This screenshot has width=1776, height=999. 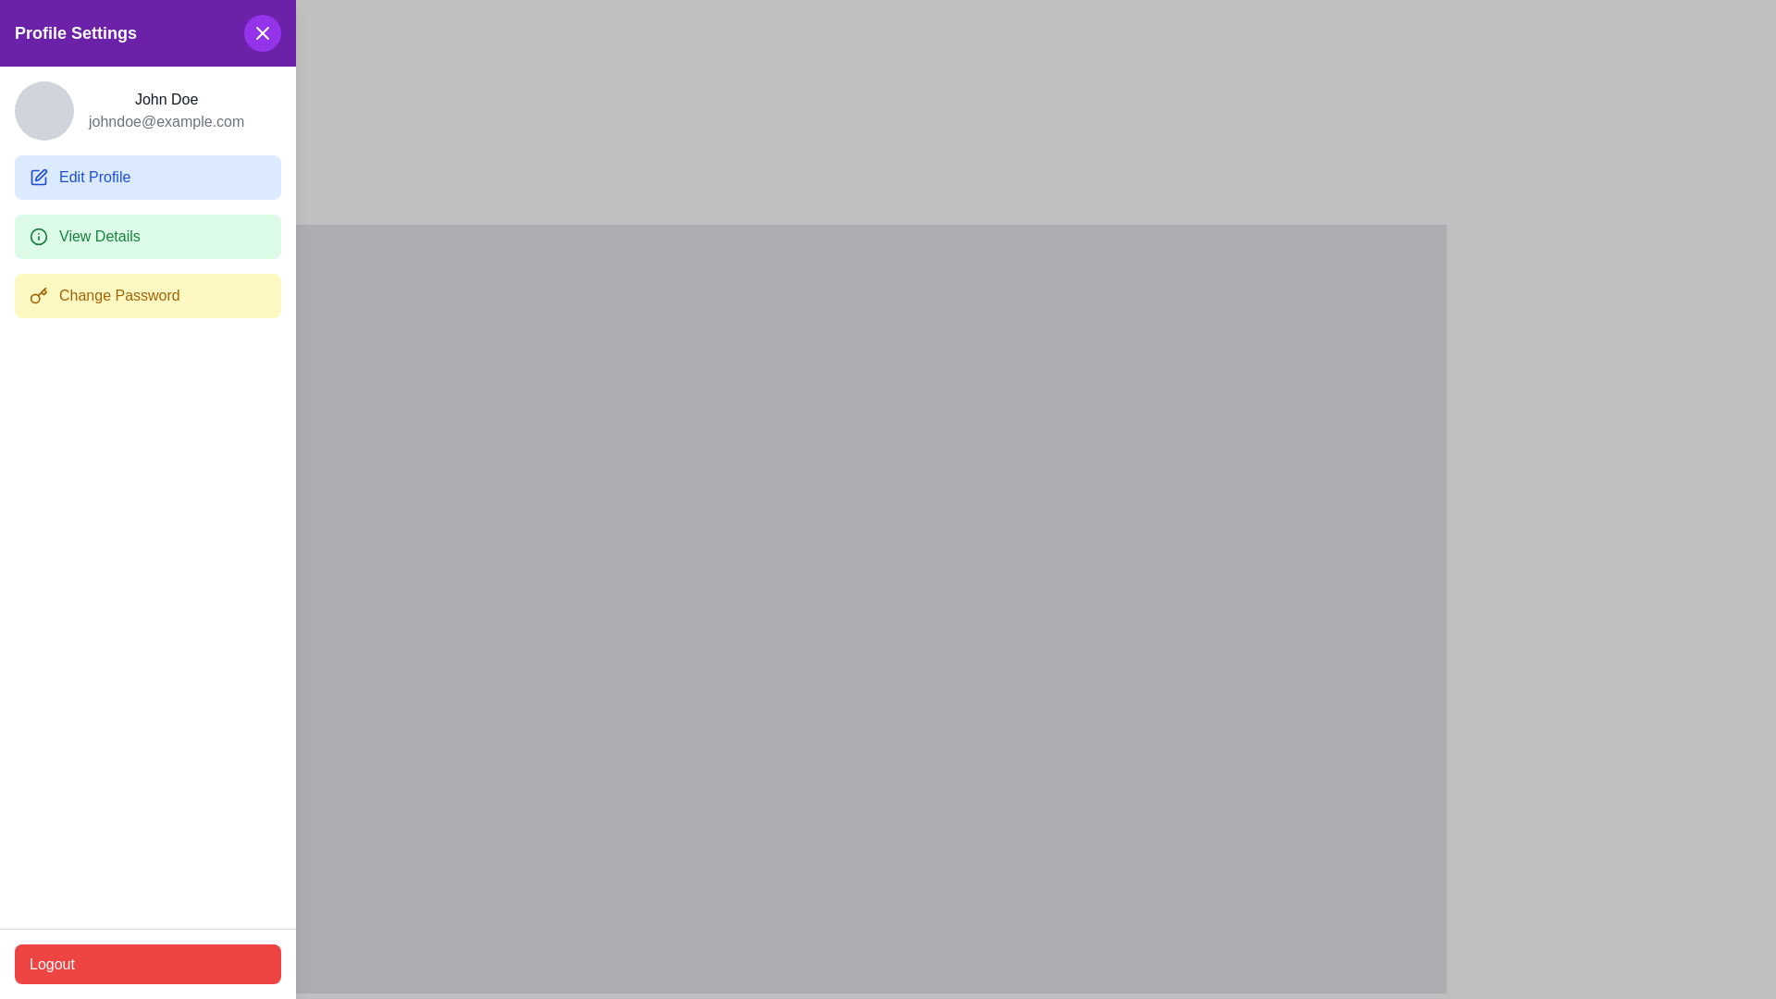 I want to click on the SVG circle graphic component located within the sidebar interface, which serves as an indicator in a row of options, so click(x=39, y=235).